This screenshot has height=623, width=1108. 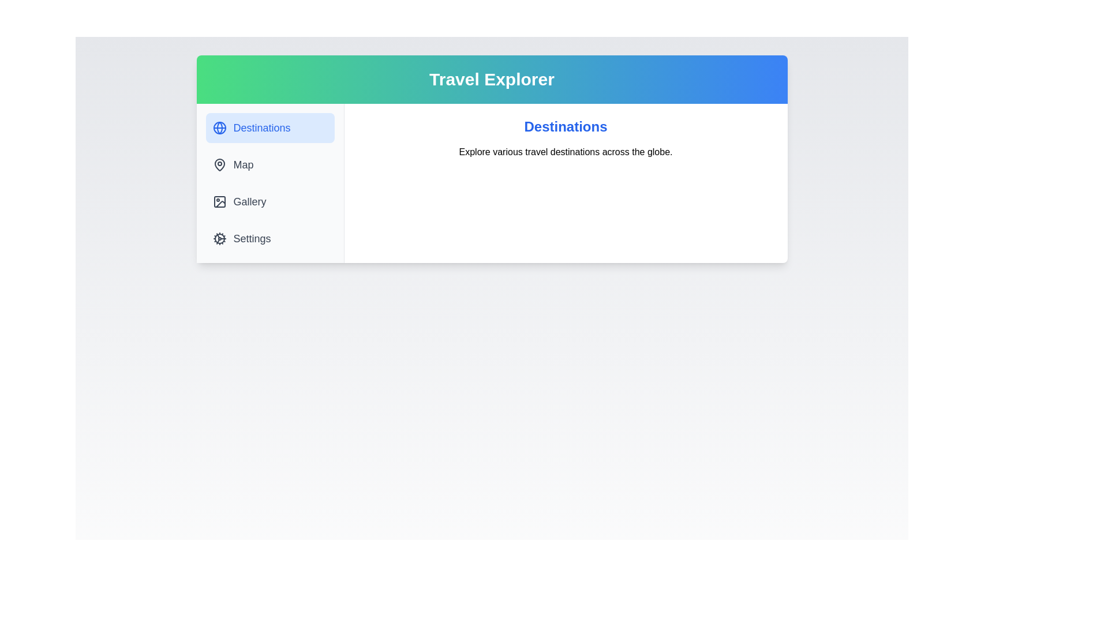 I want to click on the Gallery tab to navigate to it, so click(x=269, y=201).